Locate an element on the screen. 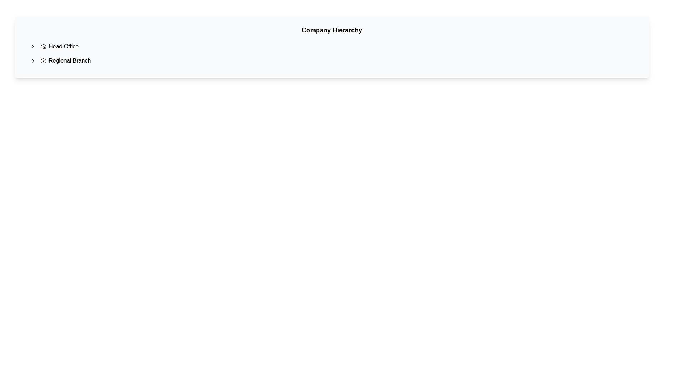  the first navigation item labeled with an icon under the 'Company Hierarchy' title to execute its primary action is located at coordinates (59, 47).